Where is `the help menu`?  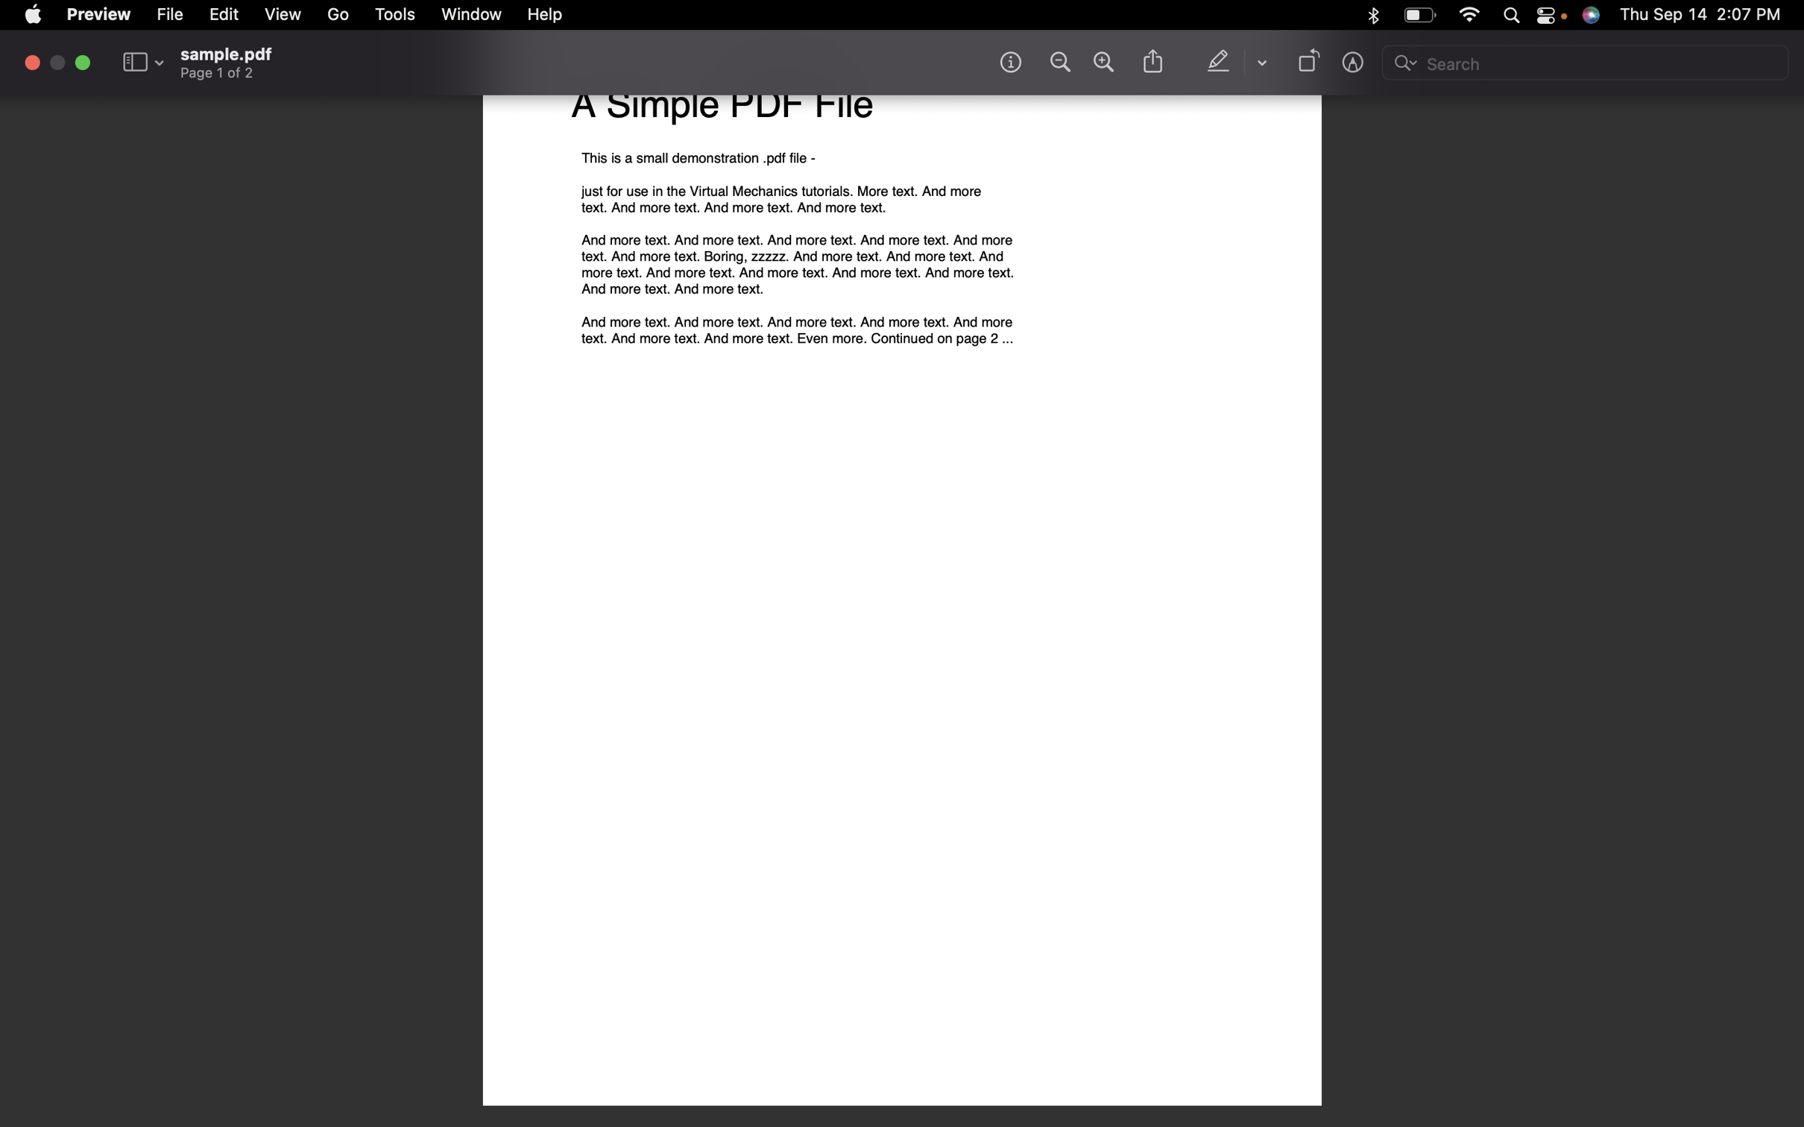 the help menu is located at coordinates (544, 16).